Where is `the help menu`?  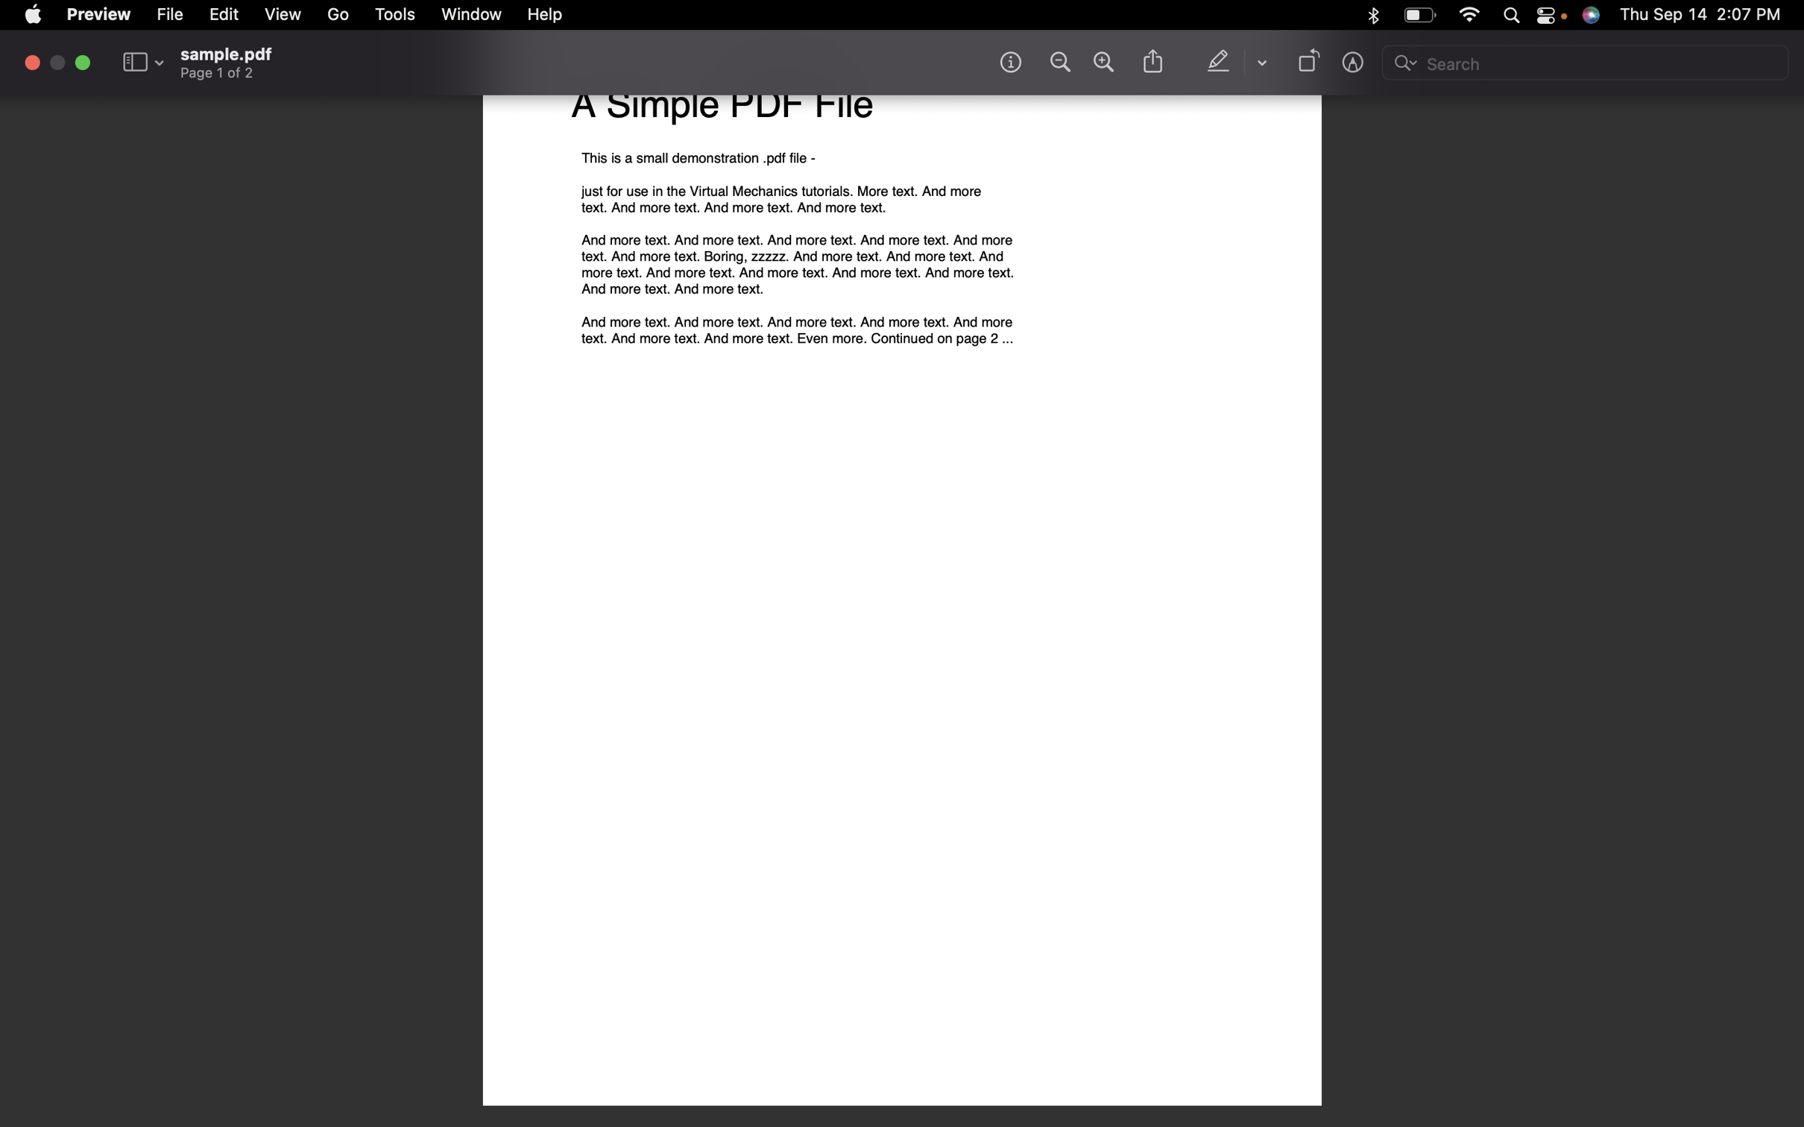 the help menu is located at coordinates (544, 16).